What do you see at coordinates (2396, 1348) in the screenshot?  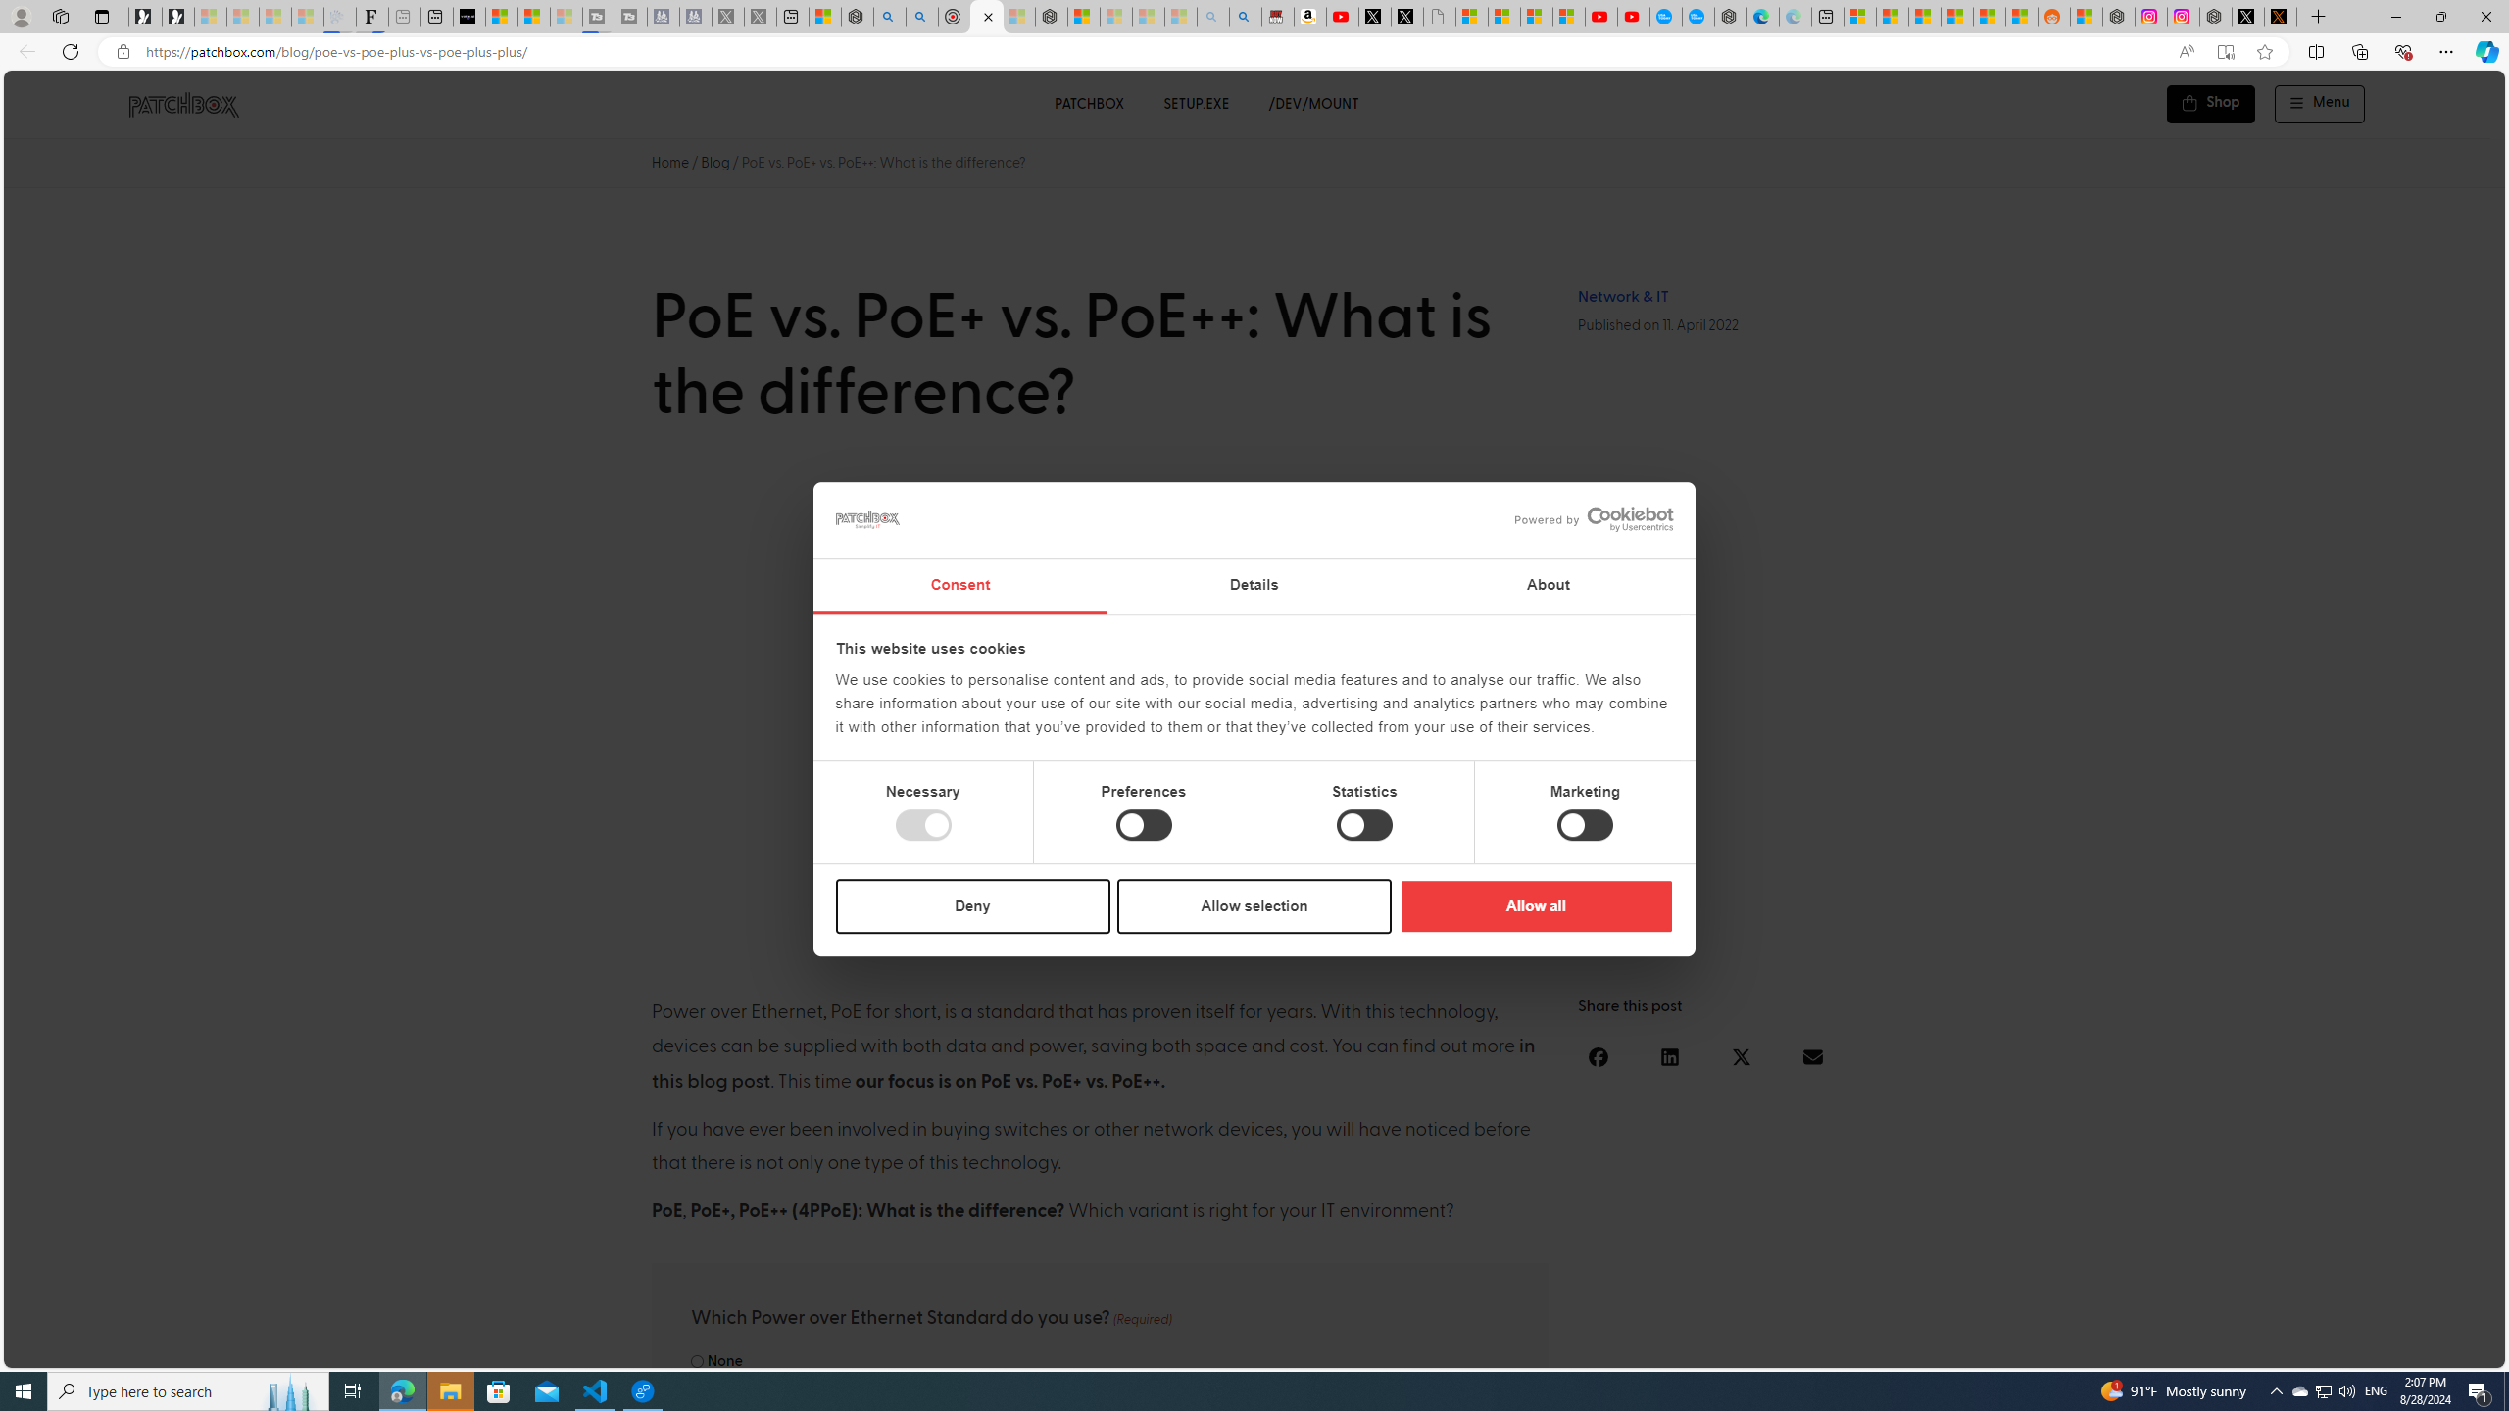 I see `'Language switcher : Finnish'` at bounding box center [2396, 1348].